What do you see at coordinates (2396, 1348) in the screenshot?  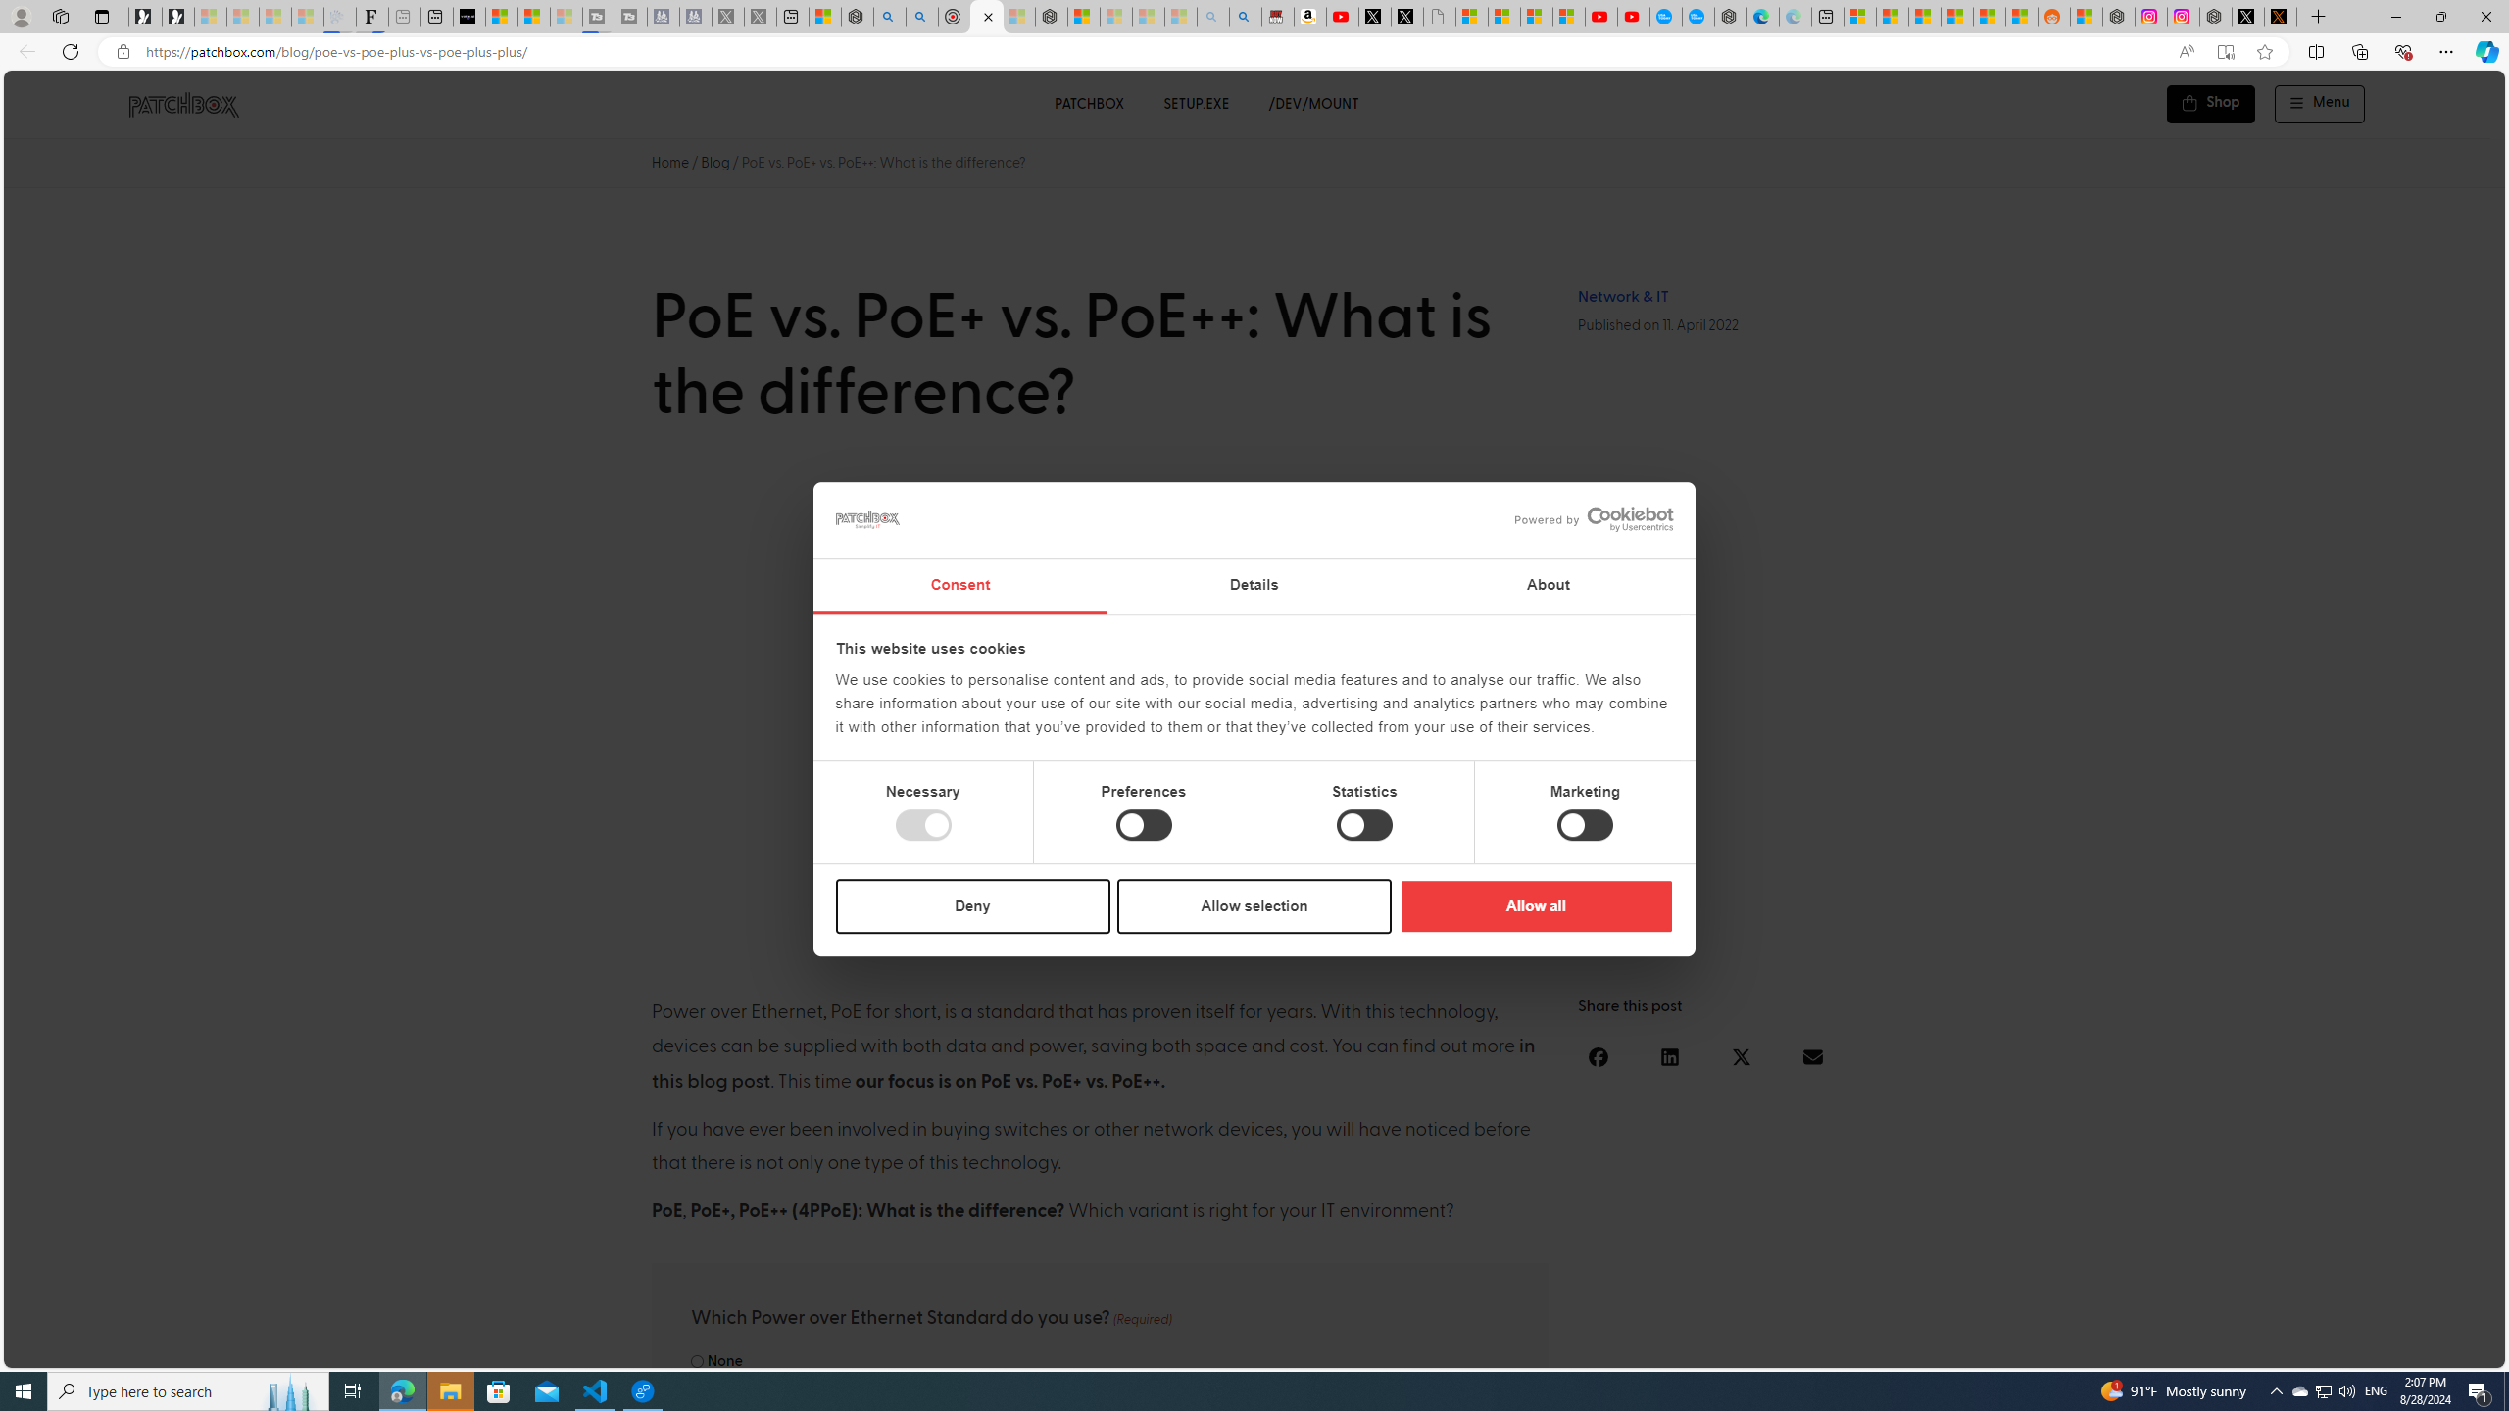 I see `'Language switcher : Finnish'` at bounding box center [2396, 1348].